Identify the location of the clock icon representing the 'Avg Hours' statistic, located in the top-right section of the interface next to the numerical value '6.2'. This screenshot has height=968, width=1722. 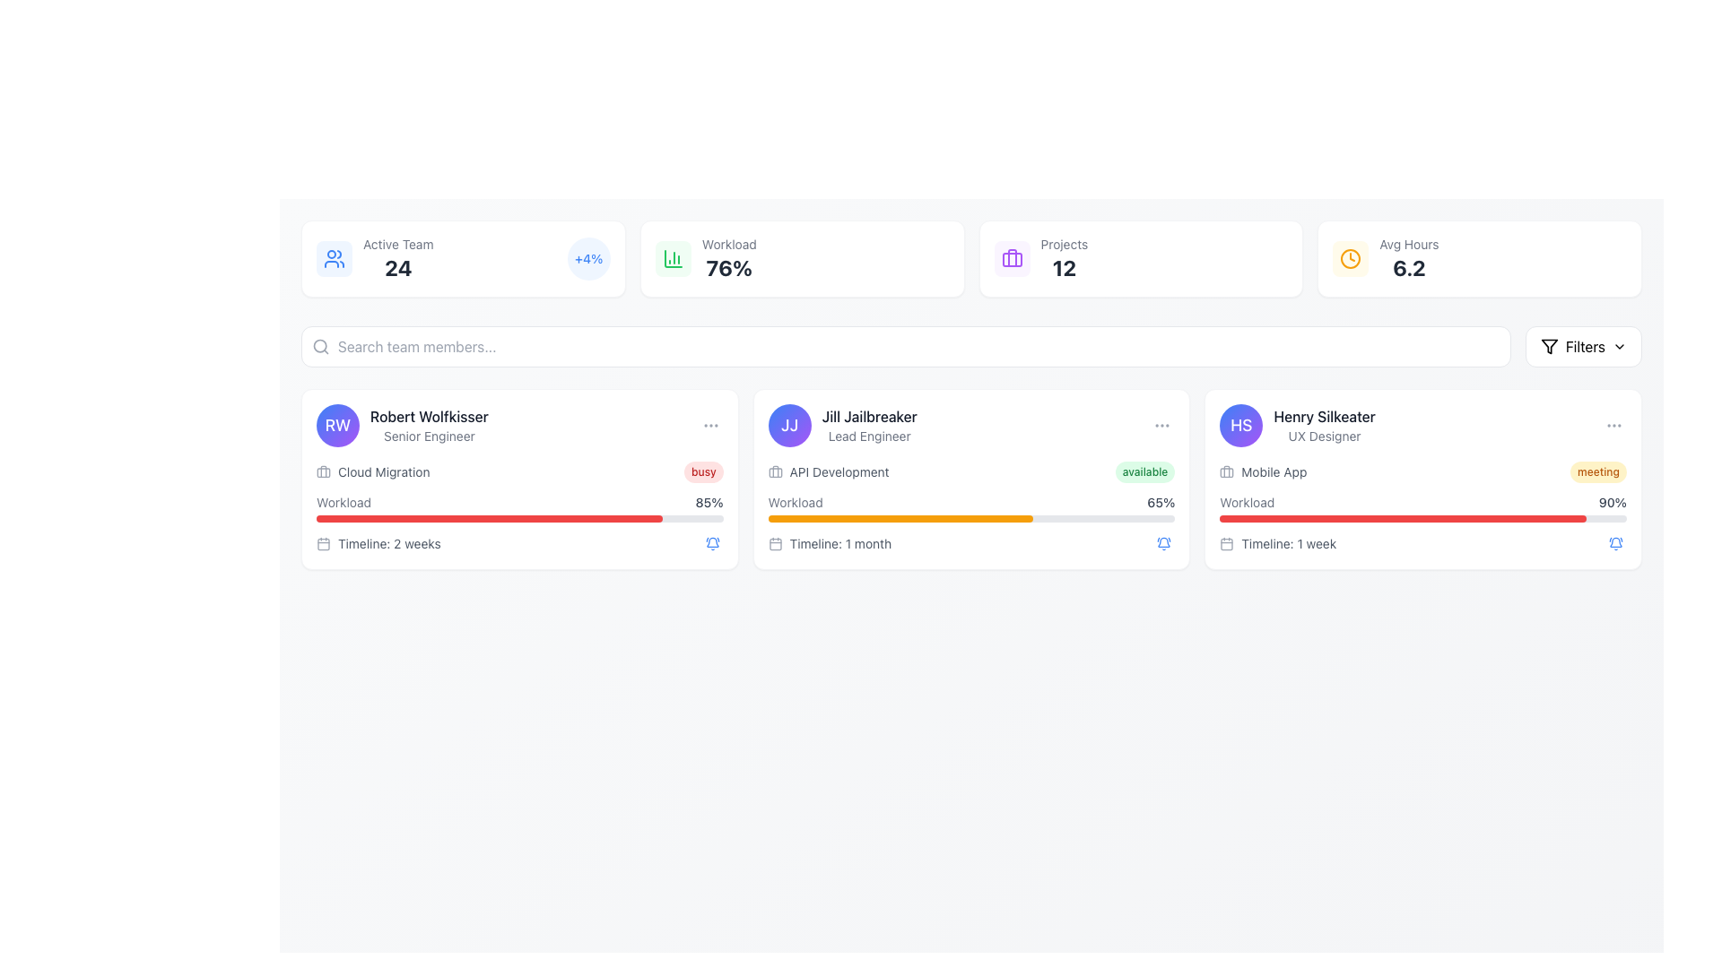
(1351, 259).